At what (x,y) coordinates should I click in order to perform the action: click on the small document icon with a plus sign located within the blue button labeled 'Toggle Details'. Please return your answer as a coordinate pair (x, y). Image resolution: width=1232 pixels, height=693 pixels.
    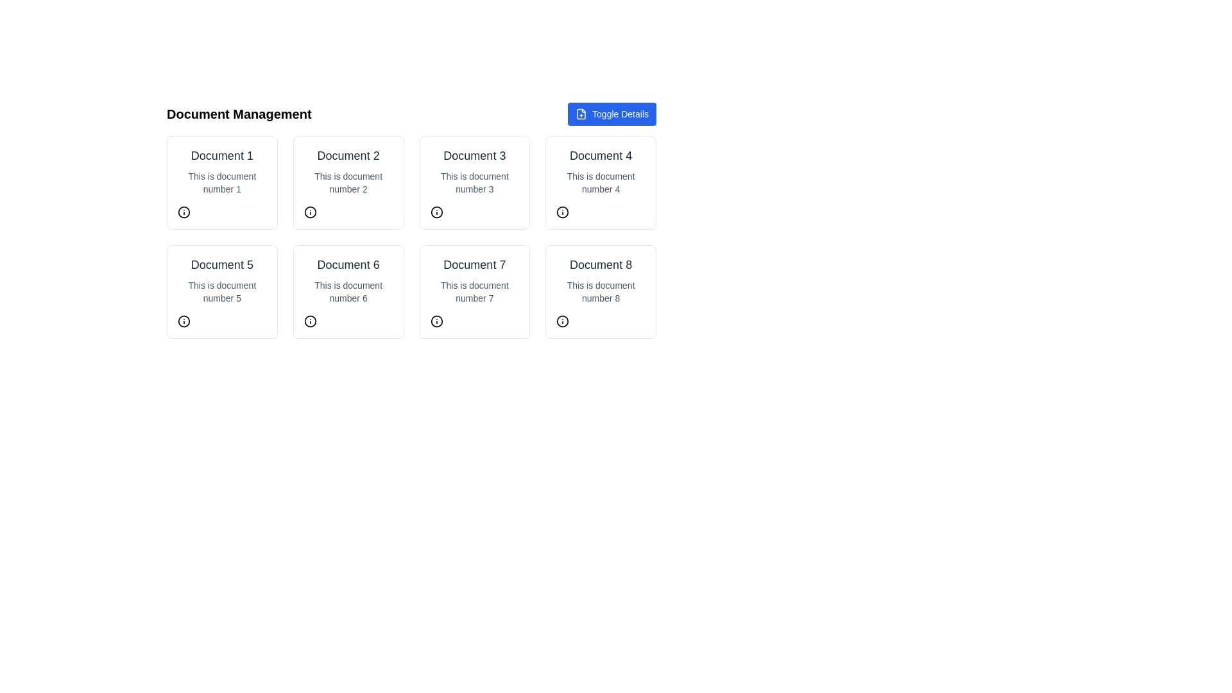
    Looking at the image, I should click on (581, 113).